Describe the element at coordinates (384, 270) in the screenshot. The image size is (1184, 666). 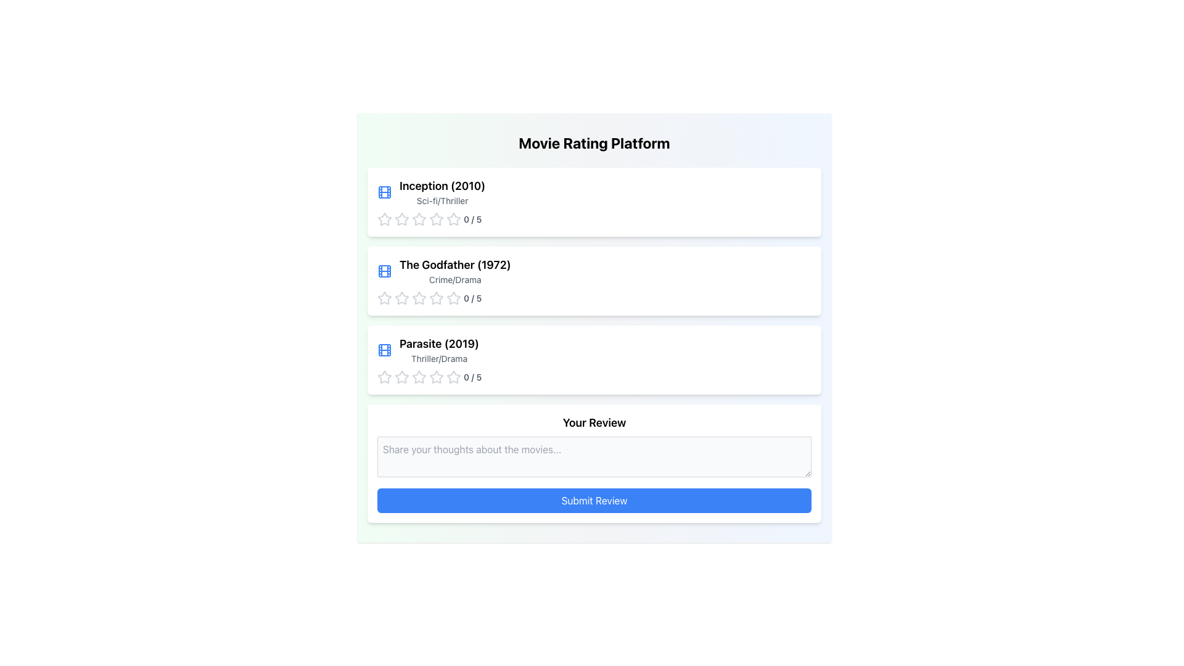
I see `the icon representing the movie entry for 'The Godfather (1972)', which is located in the second entry of a vertical list of movie items` at that location.